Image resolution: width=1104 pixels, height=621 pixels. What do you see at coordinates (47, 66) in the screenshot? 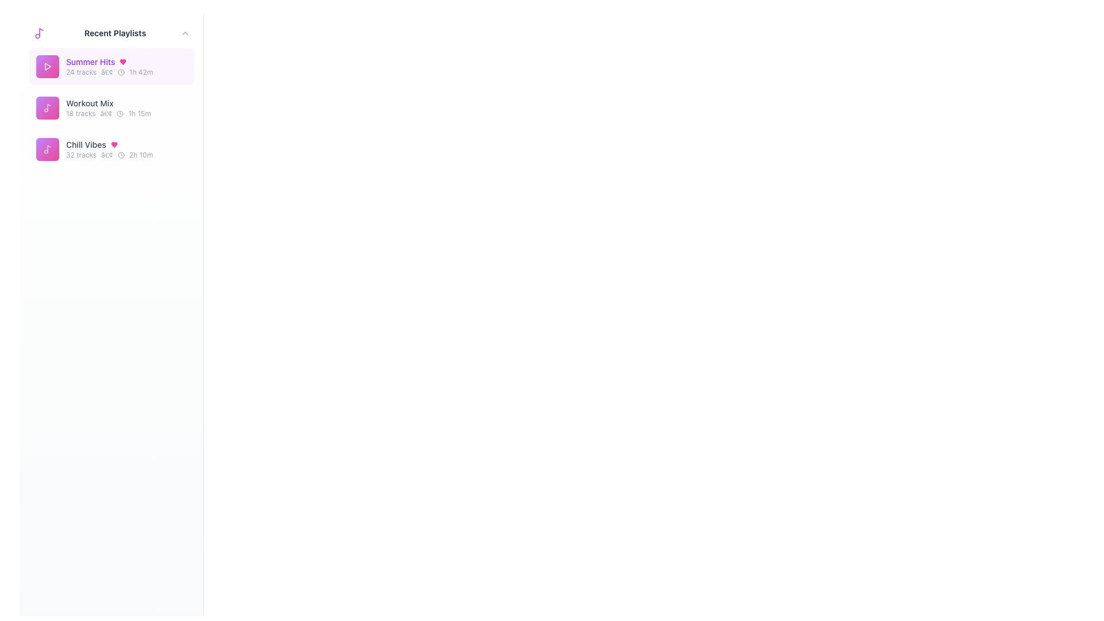
I see `the 'play' icon, which is a vector graphical element indicating media playback, located beside the 'Summer Hits' playlist entry` at bounding box center [47, 66].